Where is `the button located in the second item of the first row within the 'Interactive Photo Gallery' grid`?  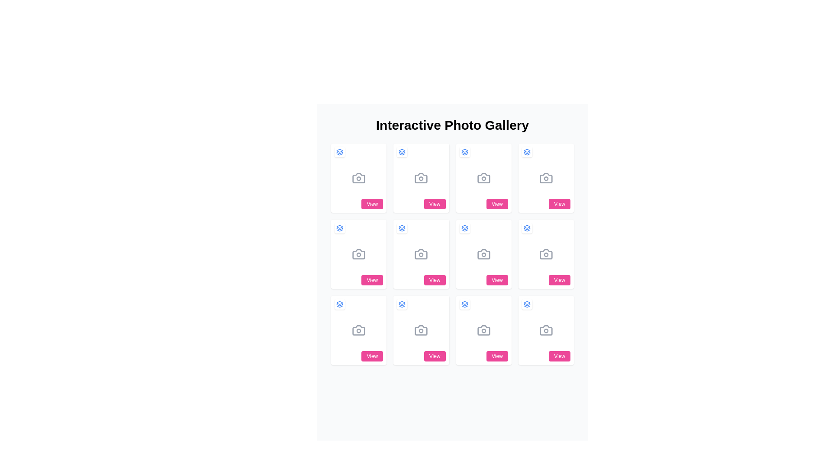
the button located in the second item of the first row within the 'Interactive Photo Gallery' grid is located at coordinates (421, 178).